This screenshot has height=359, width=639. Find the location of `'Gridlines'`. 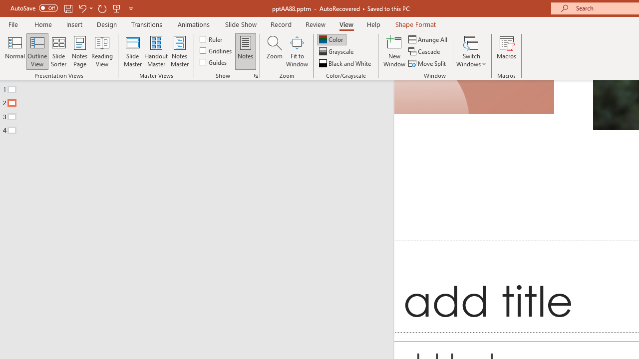

'Gridlines' is located at coordinates (216, 50).